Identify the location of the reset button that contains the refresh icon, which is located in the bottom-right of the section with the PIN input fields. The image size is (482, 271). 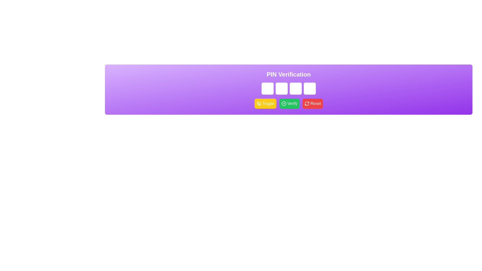
(307, 103).